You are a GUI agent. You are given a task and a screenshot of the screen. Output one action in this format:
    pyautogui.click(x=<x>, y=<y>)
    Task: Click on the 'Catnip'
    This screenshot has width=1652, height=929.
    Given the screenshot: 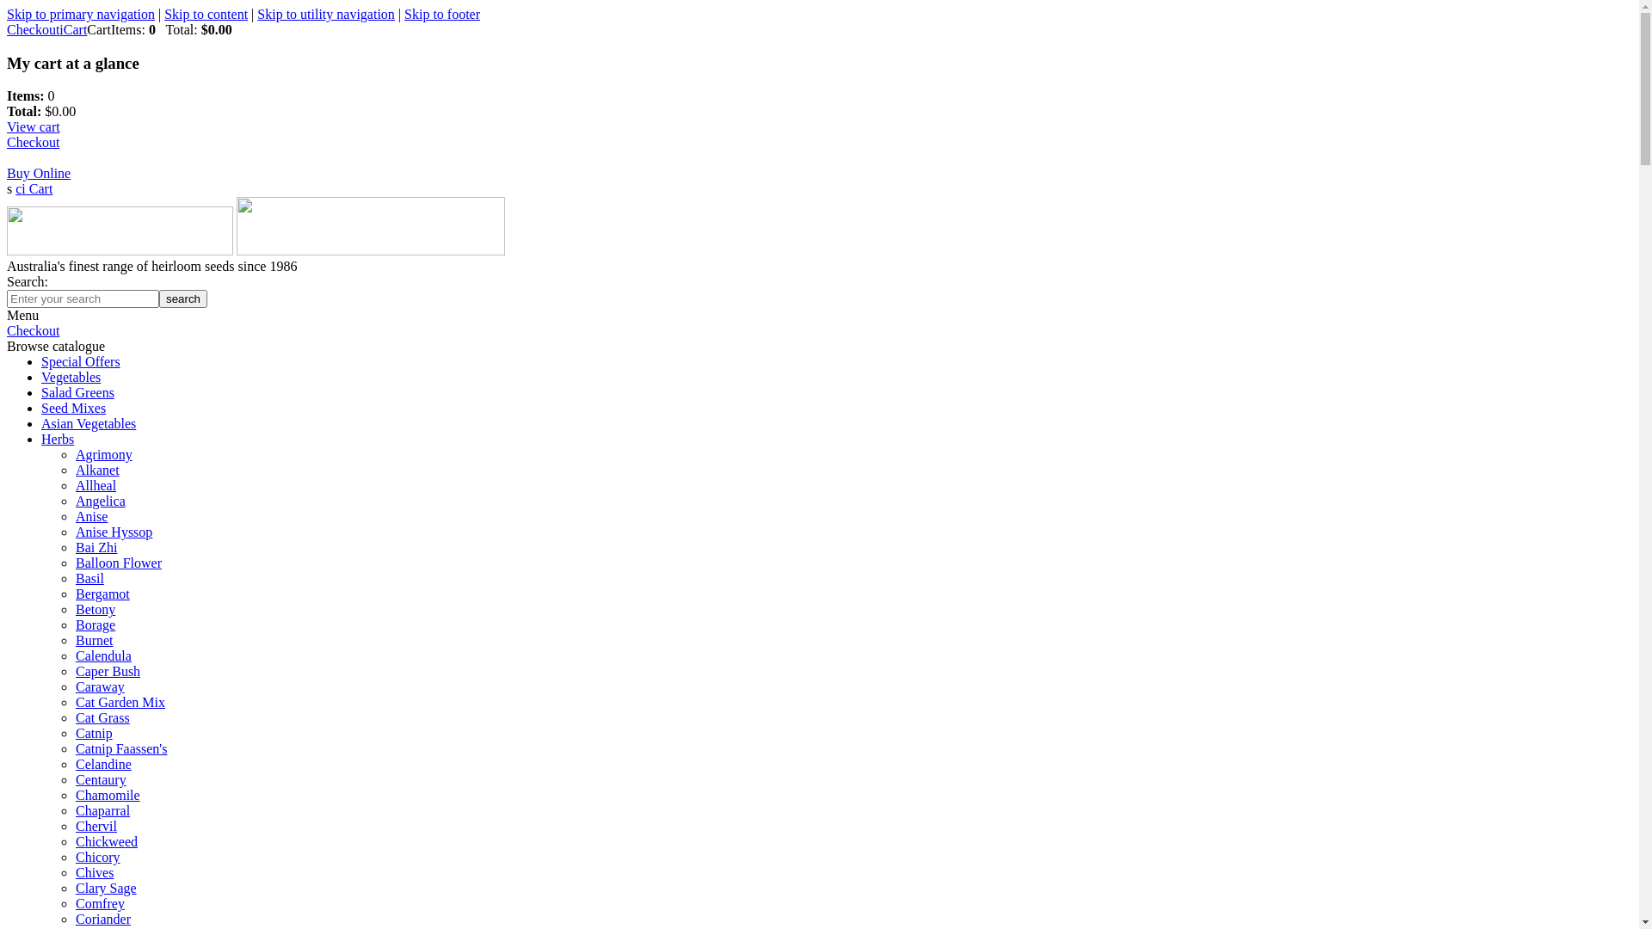 What is the action you would take?
    pyautogui.click(x=93, y=733)
    